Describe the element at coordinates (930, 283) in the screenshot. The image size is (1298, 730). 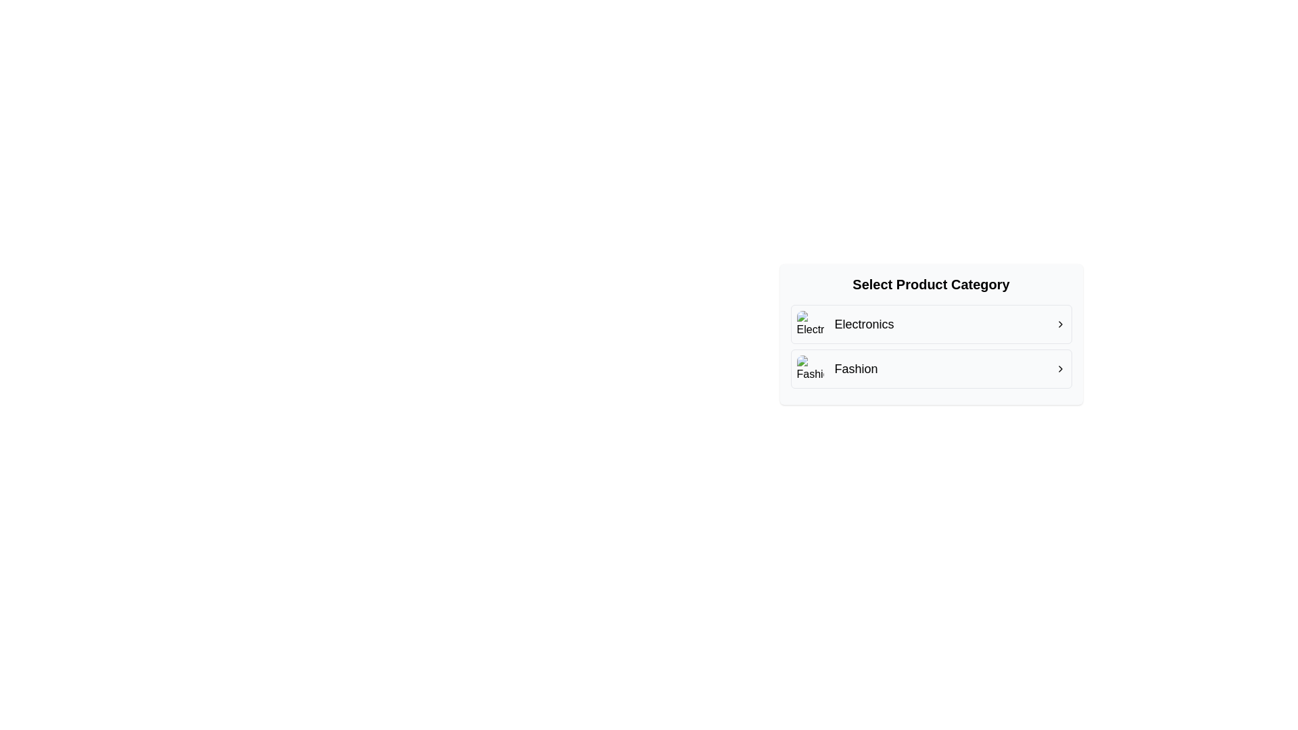
I see `the text label 'Select Product Category', which is a bold, centrally aligned header above the options 'Electronics' and 'Fashion'` at that location.